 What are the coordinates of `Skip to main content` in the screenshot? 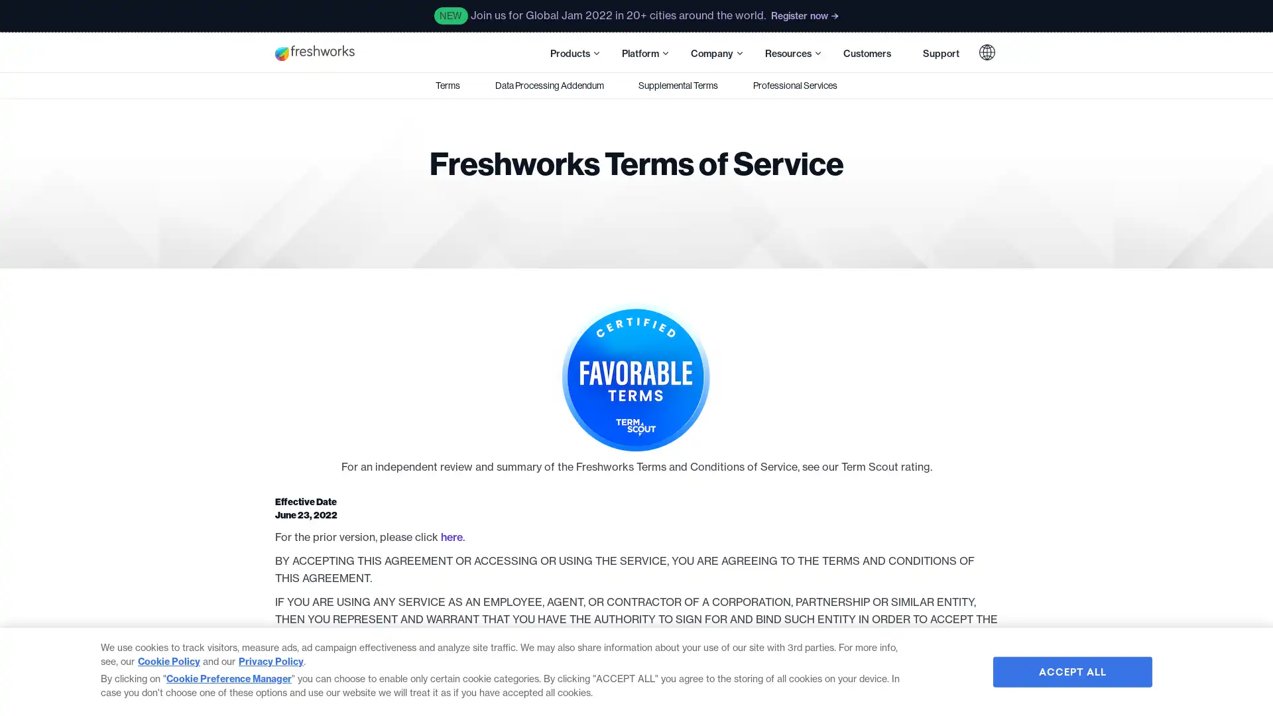 It's located at (214, 50).